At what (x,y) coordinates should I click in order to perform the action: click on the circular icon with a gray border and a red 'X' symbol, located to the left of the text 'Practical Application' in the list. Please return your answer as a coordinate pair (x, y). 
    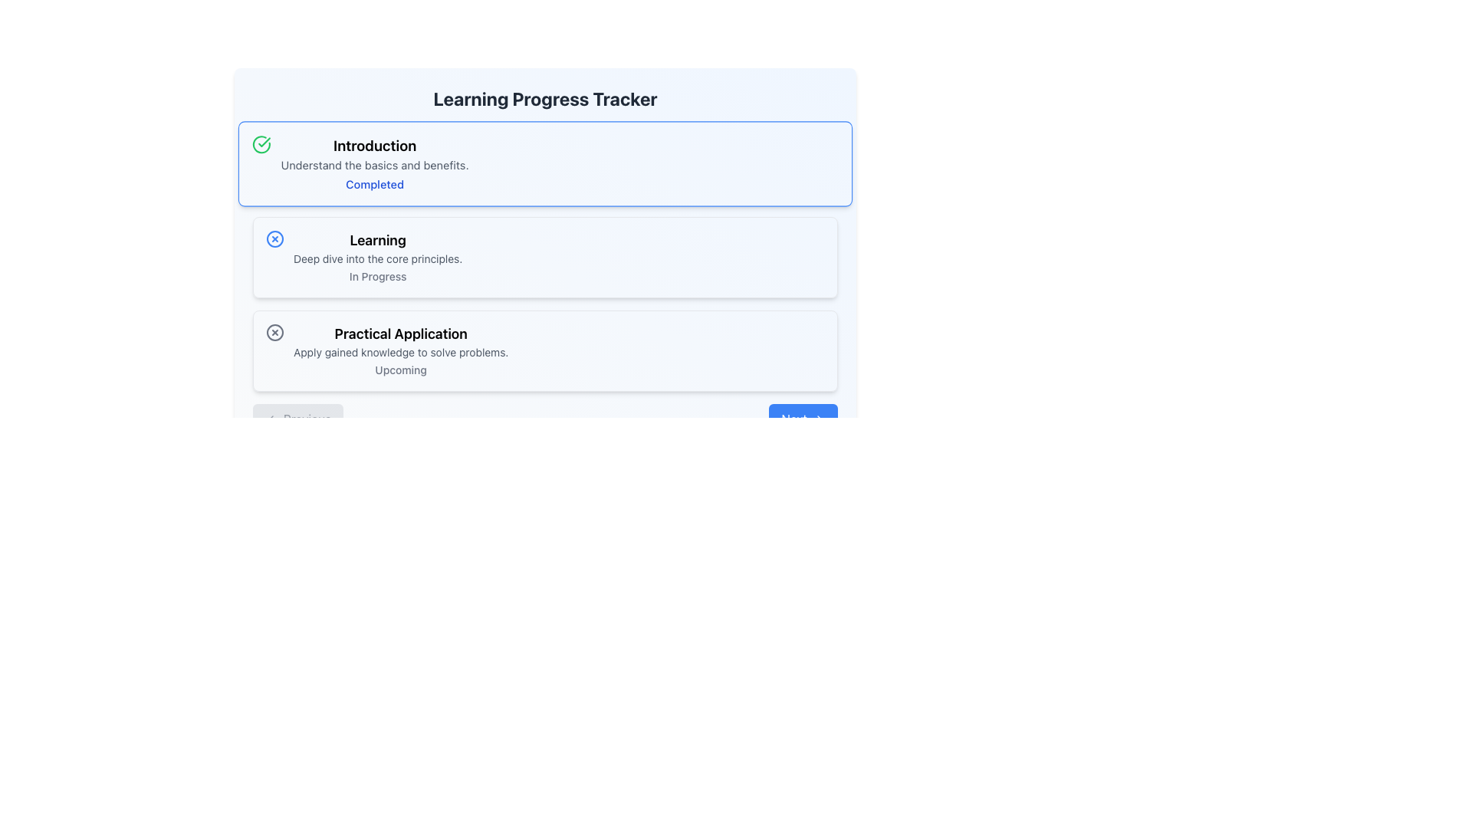
    Looking at the image, I should click on (275, 332).